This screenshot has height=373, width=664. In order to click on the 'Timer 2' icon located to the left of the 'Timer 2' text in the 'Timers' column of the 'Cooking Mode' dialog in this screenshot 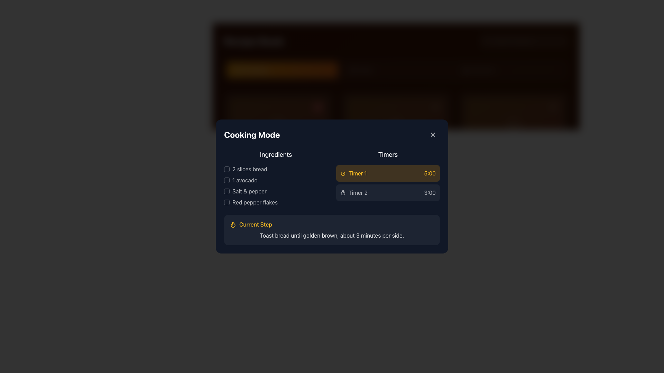, I will do `click(343, 193)`.